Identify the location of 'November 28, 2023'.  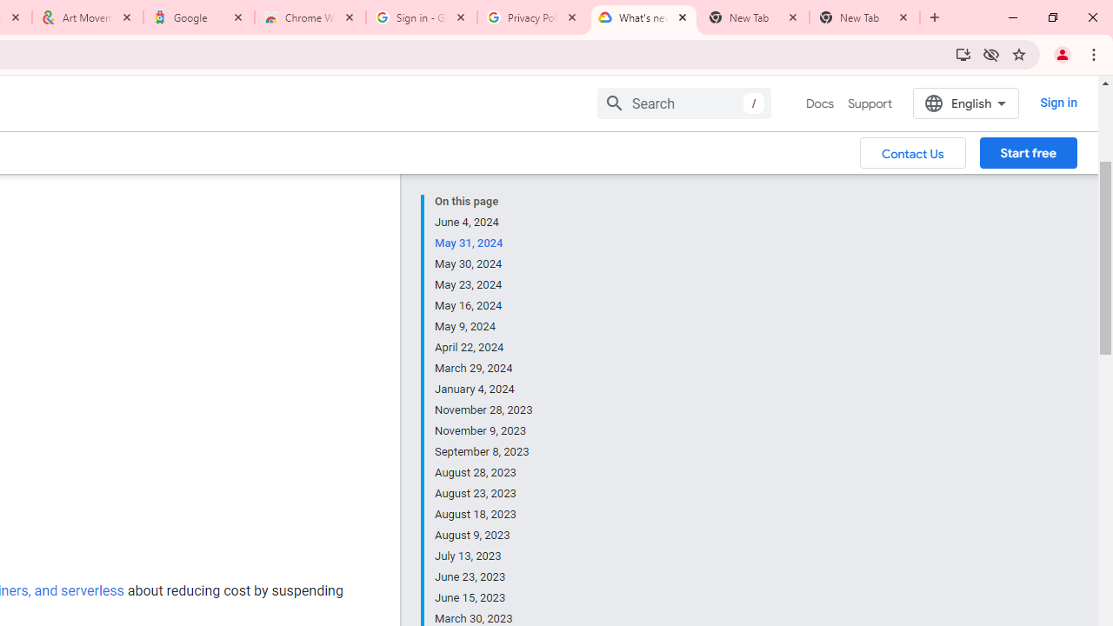
(484, 410).